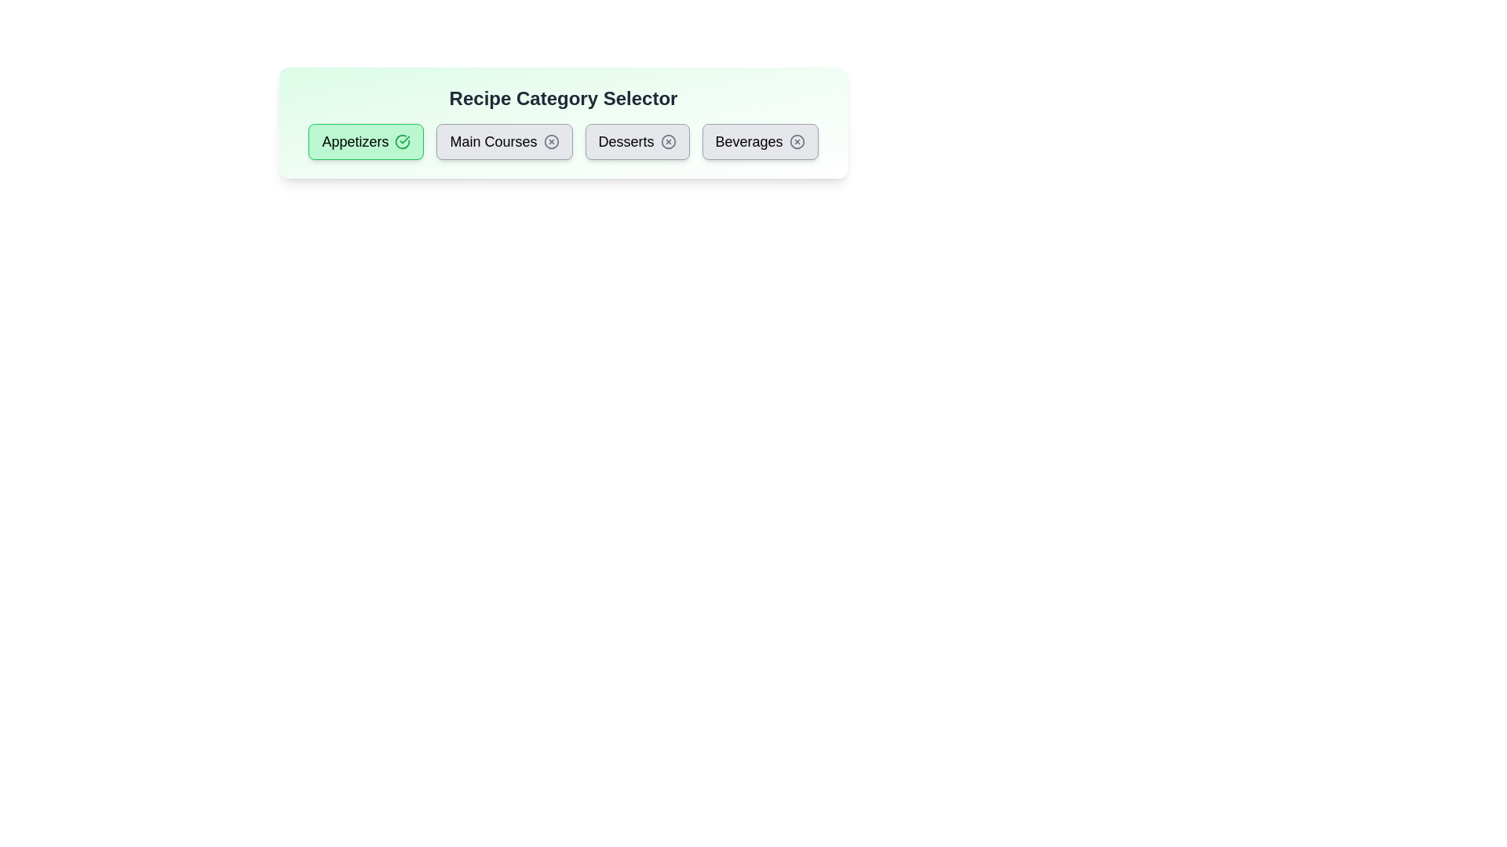 This screenshot has height=847, width=1507. I want to click on the category button labeled Beverages, so click(760, 142).